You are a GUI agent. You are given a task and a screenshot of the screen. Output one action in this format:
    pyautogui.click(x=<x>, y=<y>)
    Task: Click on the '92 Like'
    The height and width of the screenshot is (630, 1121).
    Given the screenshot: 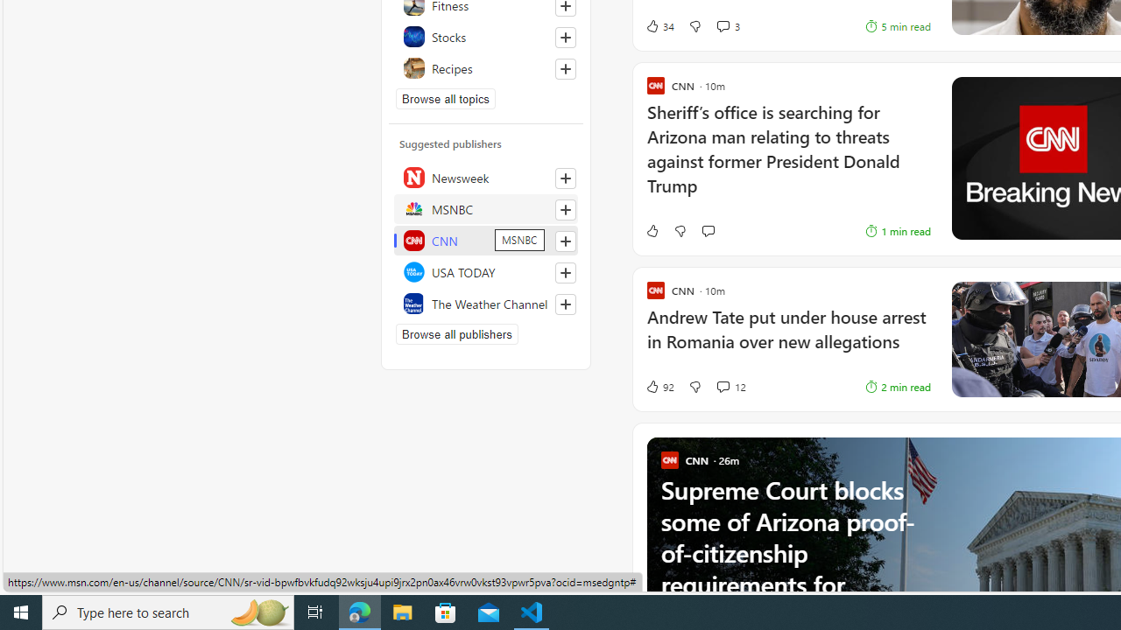 What is the action you would take?
    pyautogui.click(x=659, y=386)
    